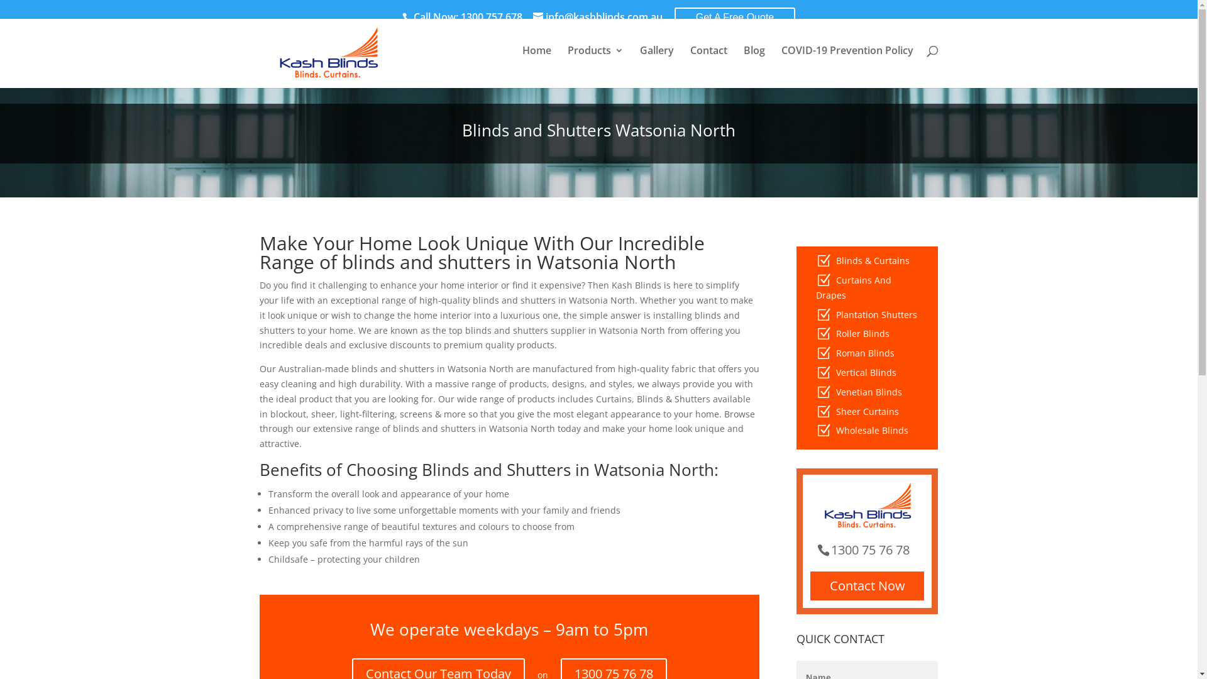 The image size is (1207, 679). I want to click on 'Vertical Blinds', so click(865, 372).